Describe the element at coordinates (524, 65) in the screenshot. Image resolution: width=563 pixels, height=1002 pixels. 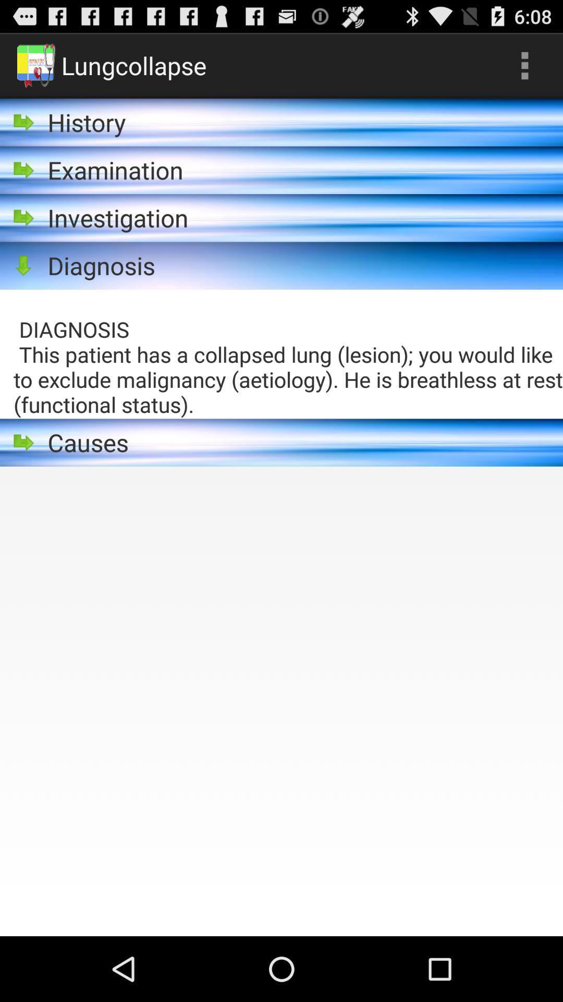
I see `the icon next to the lungcollapse` at that location.